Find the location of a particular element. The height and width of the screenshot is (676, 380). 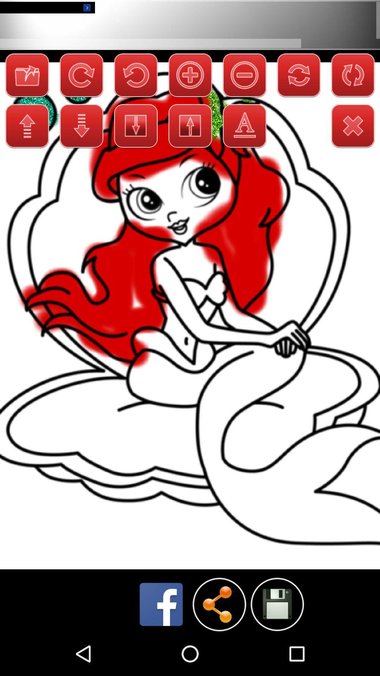

facebook page is located at coordinates (161, 604).